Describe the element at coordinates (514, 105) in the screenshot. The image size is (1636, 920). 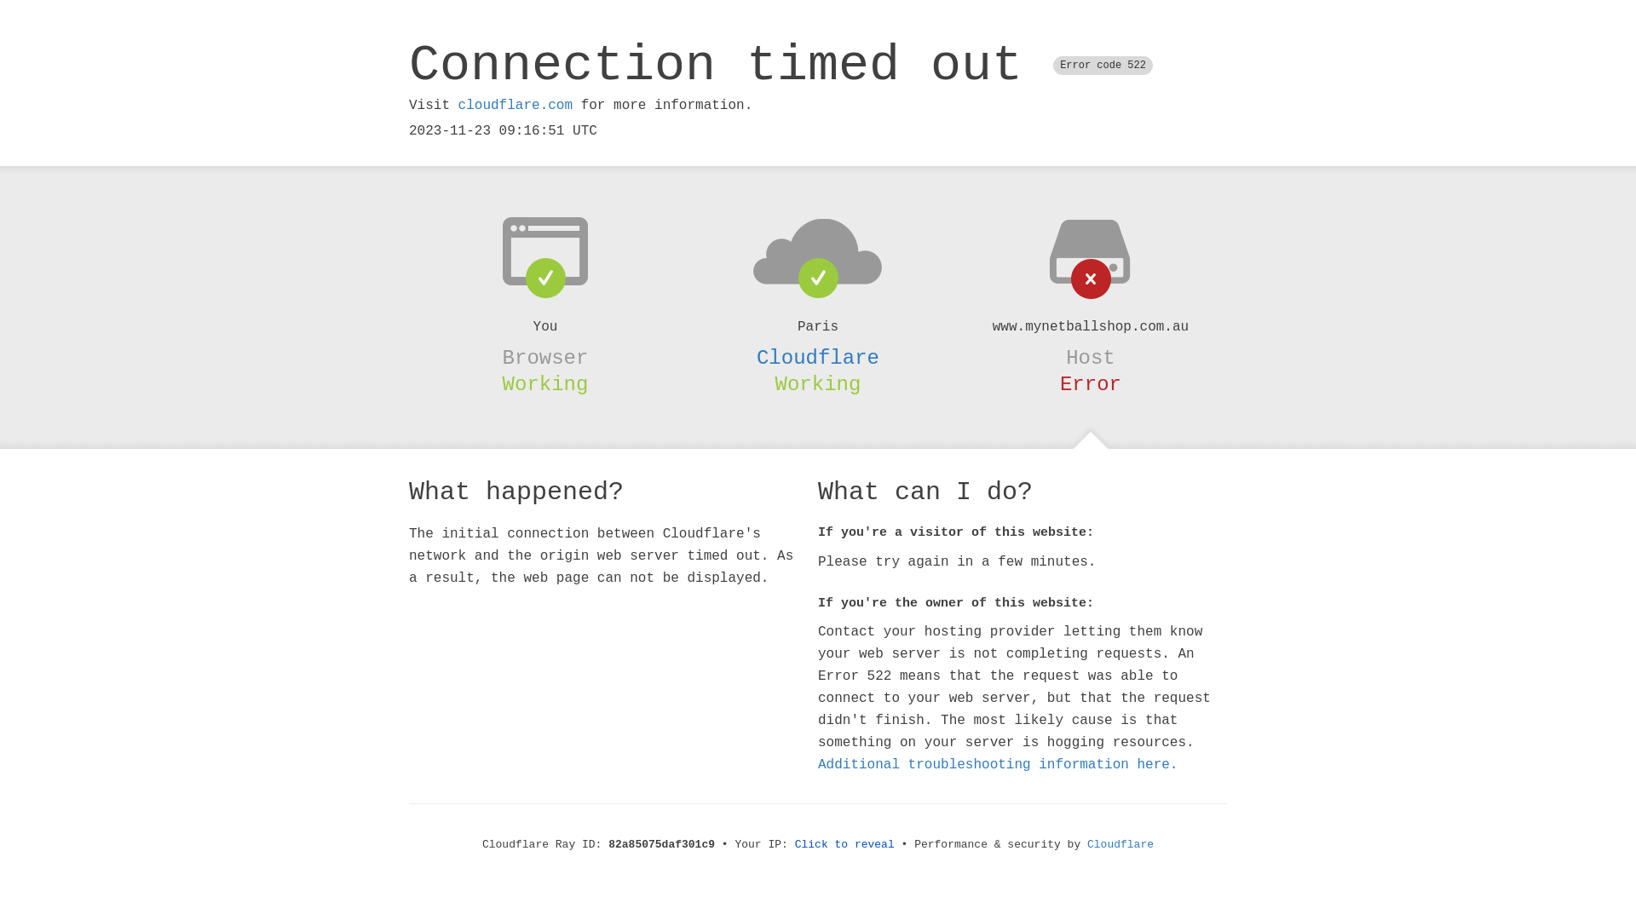
I see `'cloudflare.com'` at that location.